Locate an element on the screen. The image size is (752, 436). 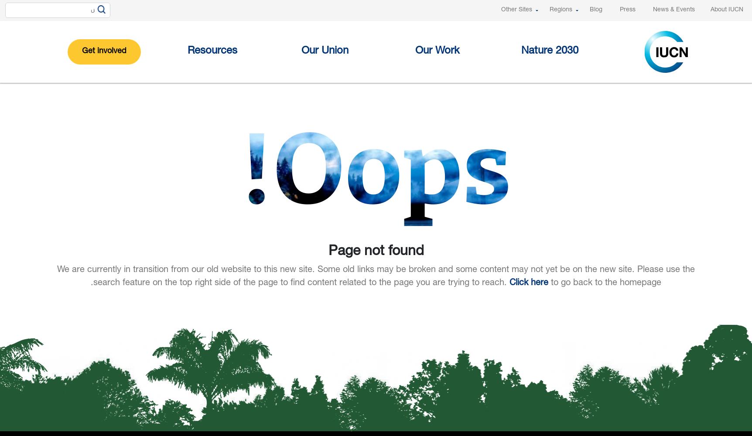
'Ocean' is located at coordinates (363, 153).